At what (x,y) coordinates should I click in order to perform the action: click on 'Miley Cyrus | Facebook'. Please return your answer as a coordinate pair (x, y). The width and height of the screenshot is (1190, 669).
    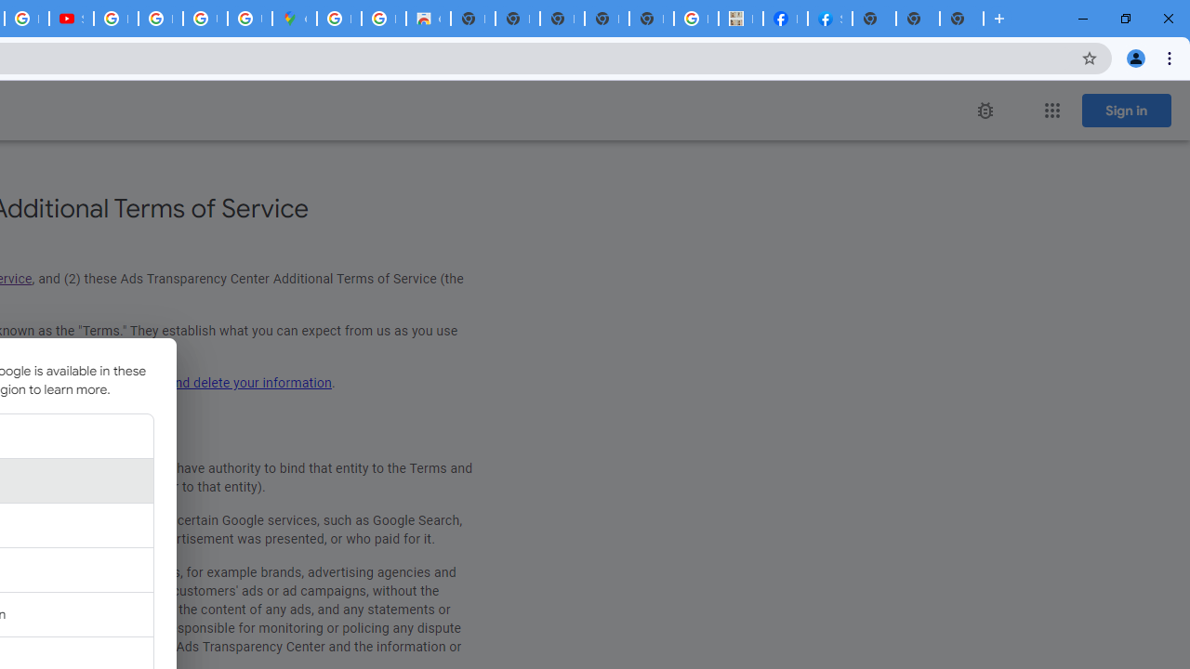
    Looking at the image, I should click on (785, 19).